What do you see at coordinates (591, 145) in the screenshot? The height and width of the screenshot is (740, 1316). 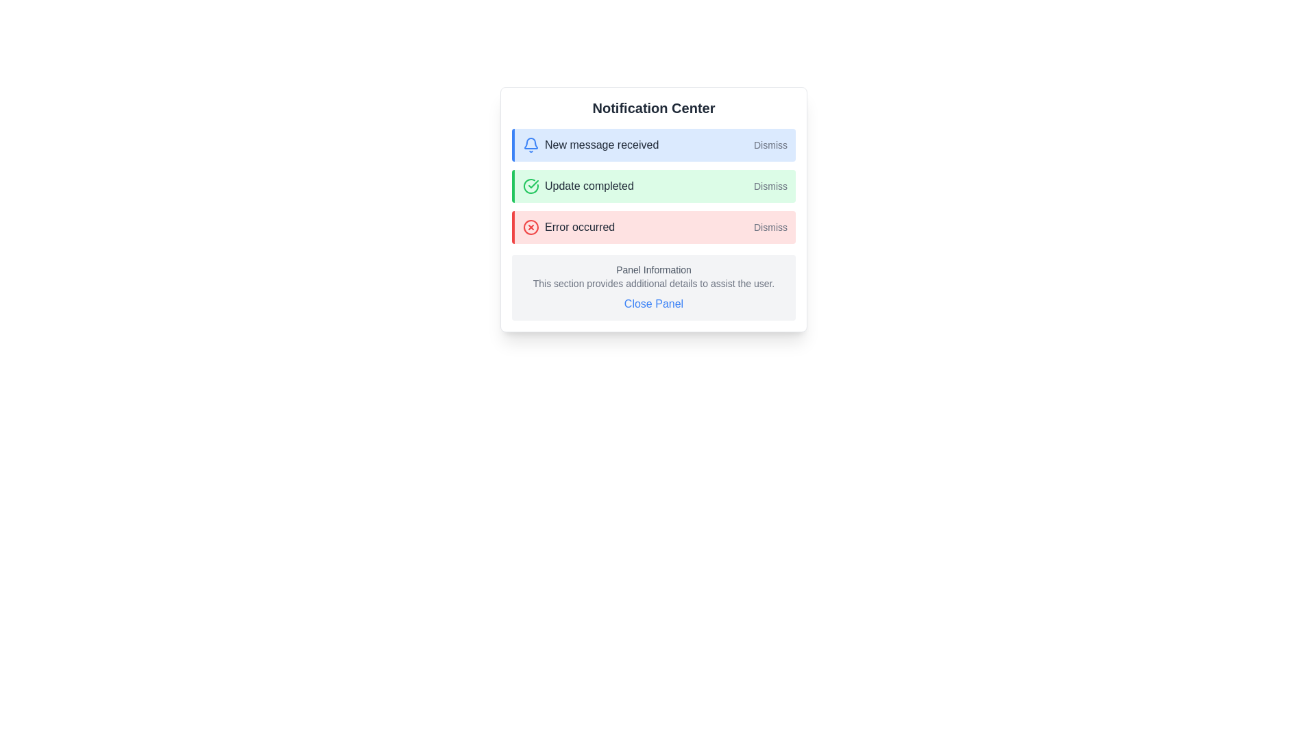 I see `the notification label with an icon that indicates a newly received message, located at the center of the interface and adjacent to the 'Dismiss' button` at bounding box center [591, 145].